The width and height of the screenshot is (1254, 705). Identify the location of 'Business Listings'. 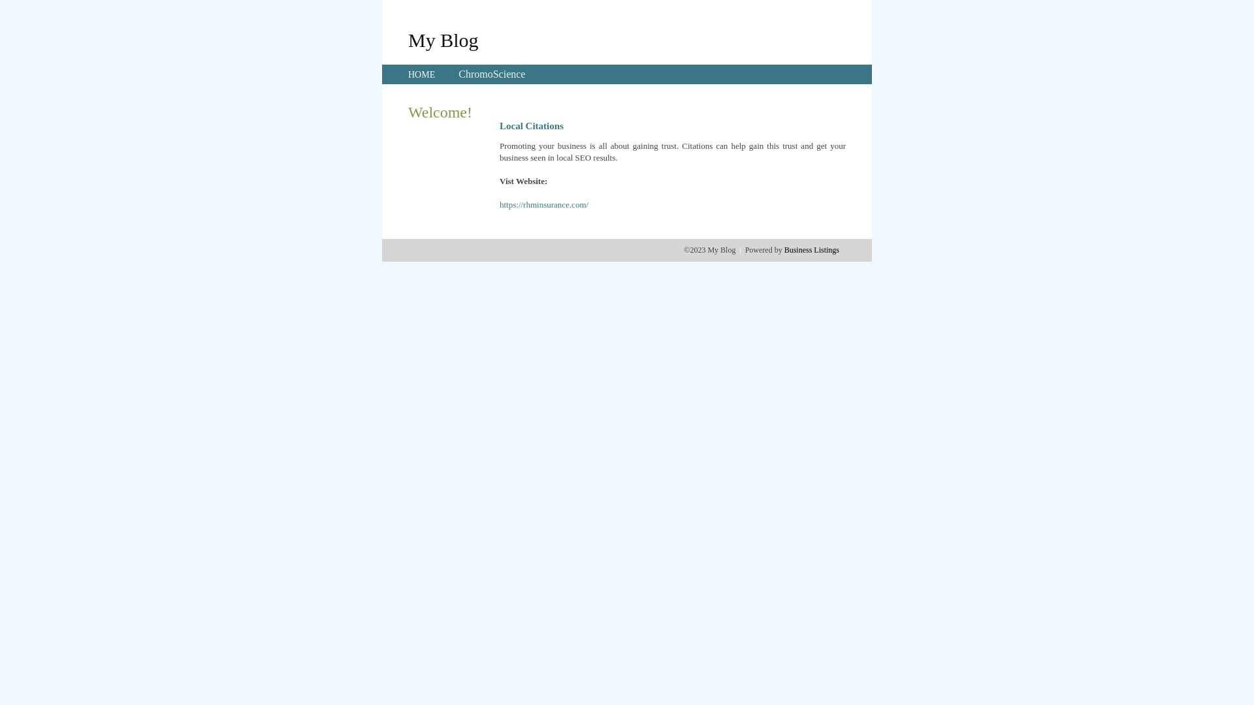
(811, 249).